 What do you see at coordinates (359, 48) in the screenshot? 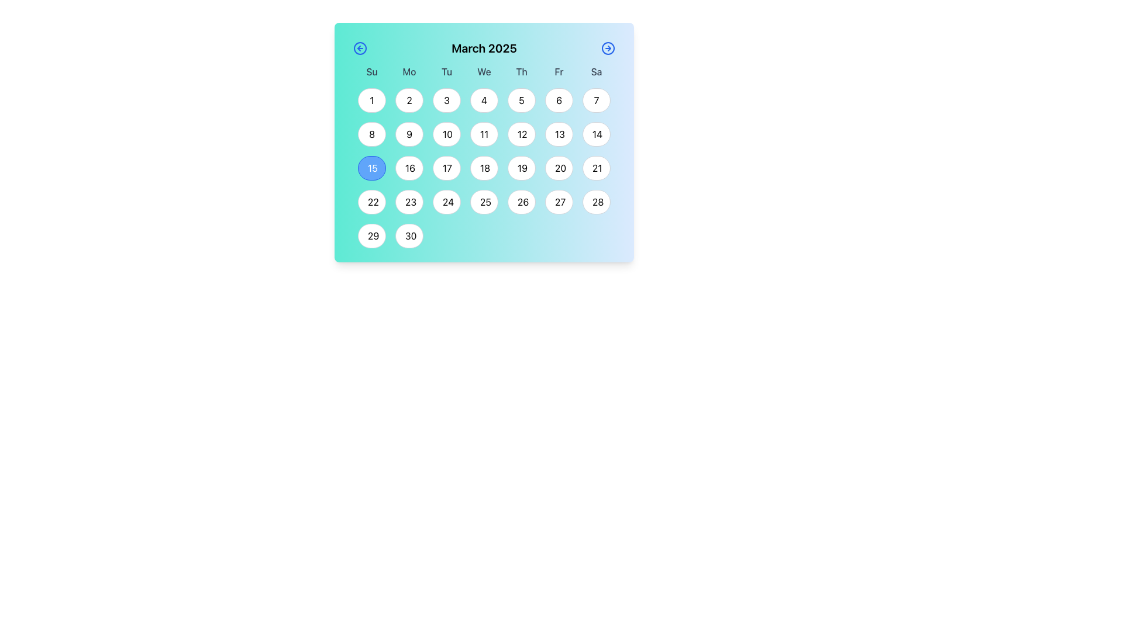
I see `the circular arrow button with a blue outline and a left-facing arrow at its center` at bounding box center [359, 48].